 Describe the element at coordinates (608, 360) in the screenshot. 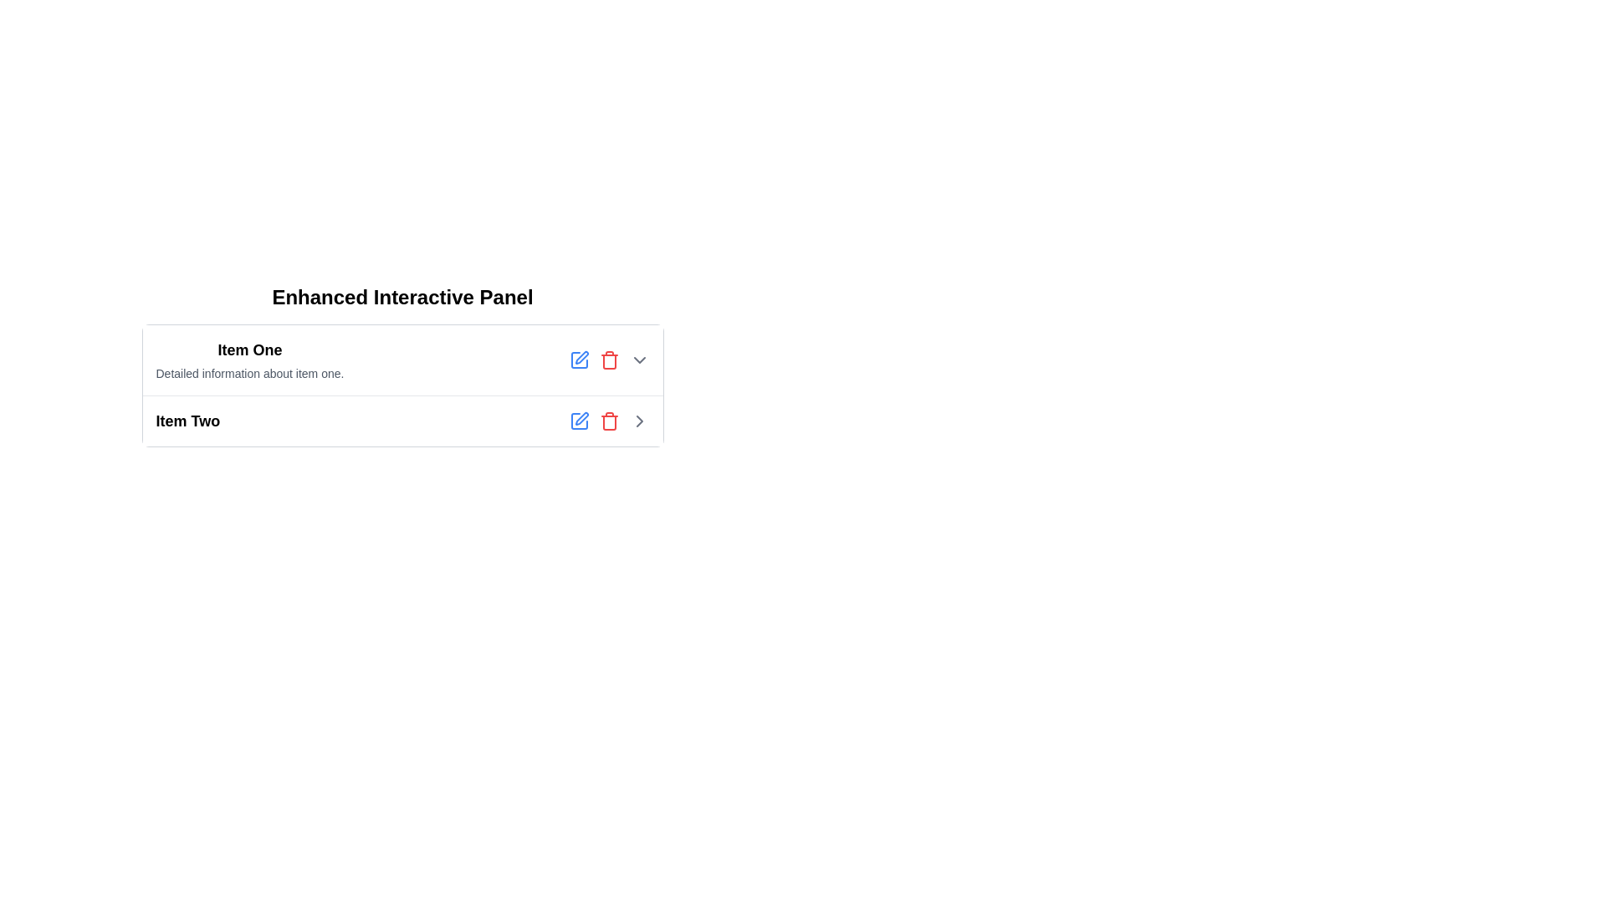

I see `the red delete icon button located to the right of 'Item One'` at that location.